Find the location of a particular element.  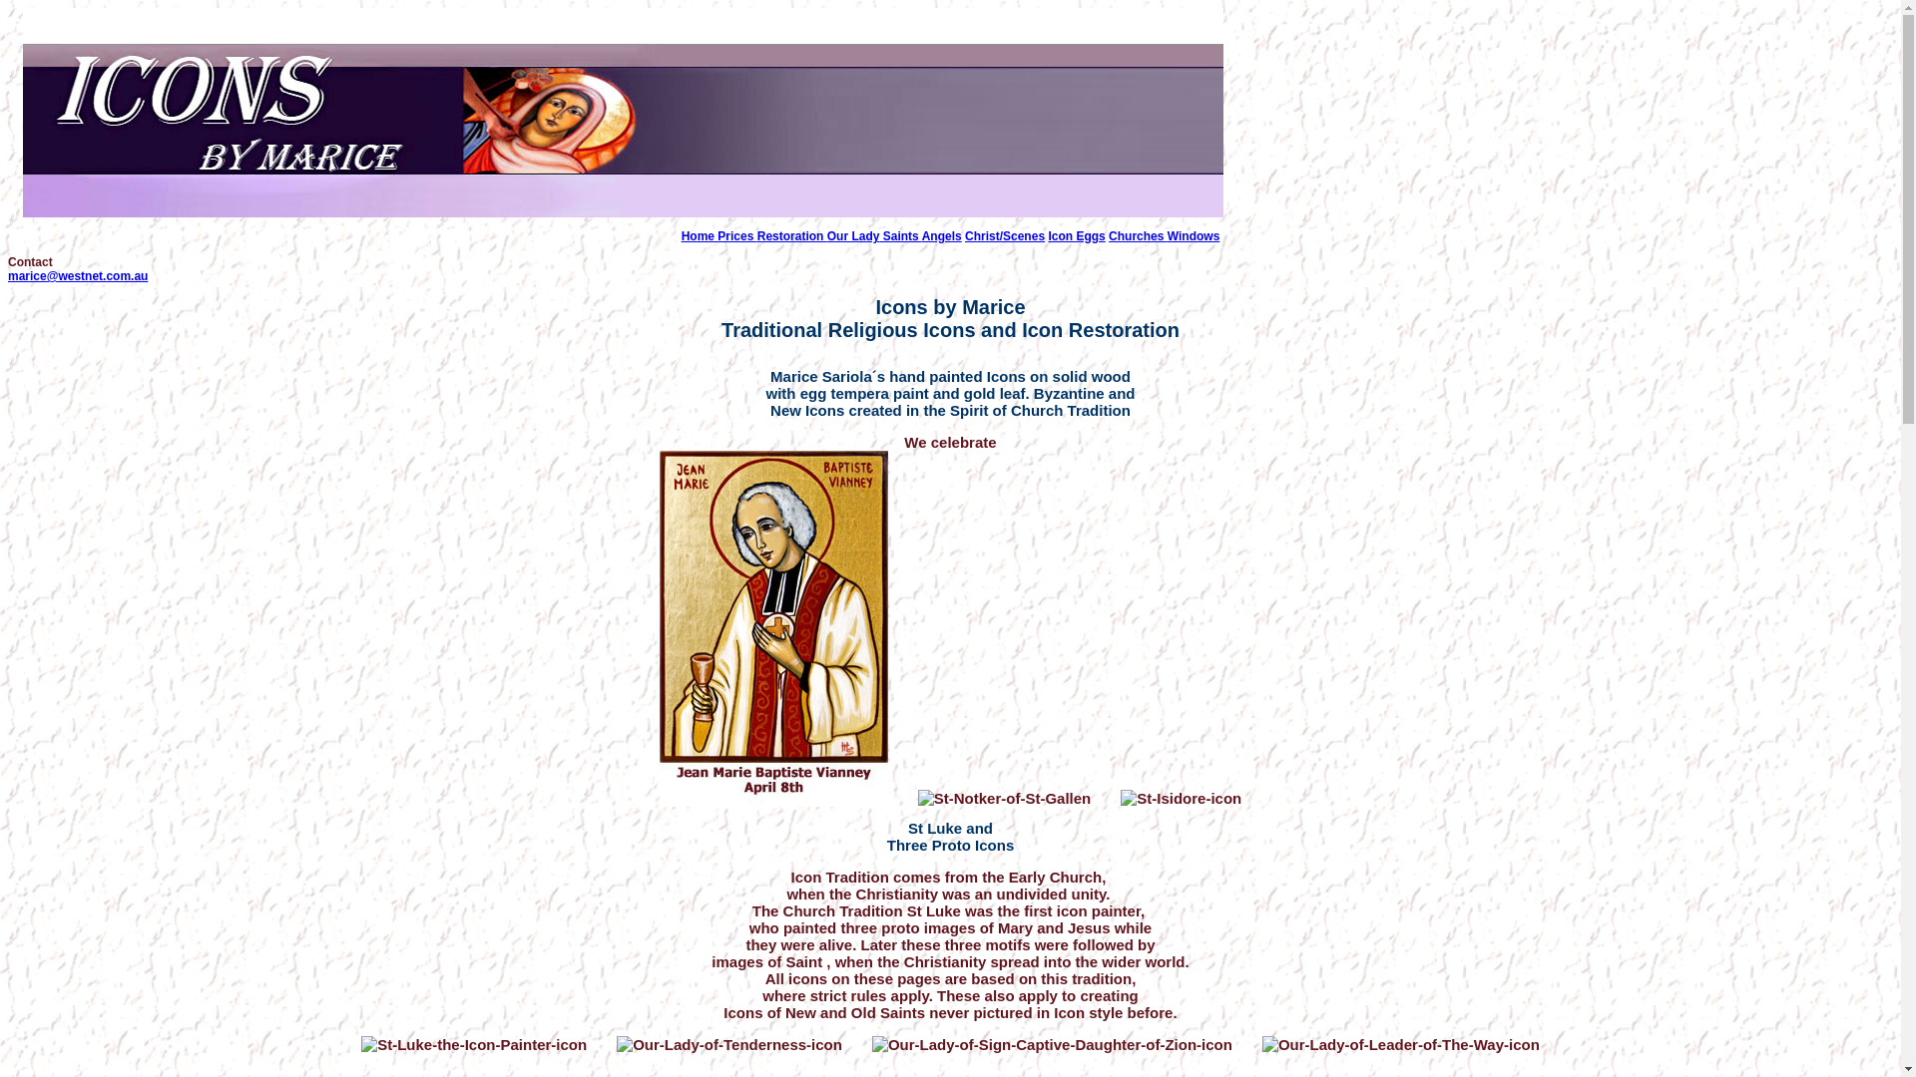

'Prices' is located at coordinates (735, 234).